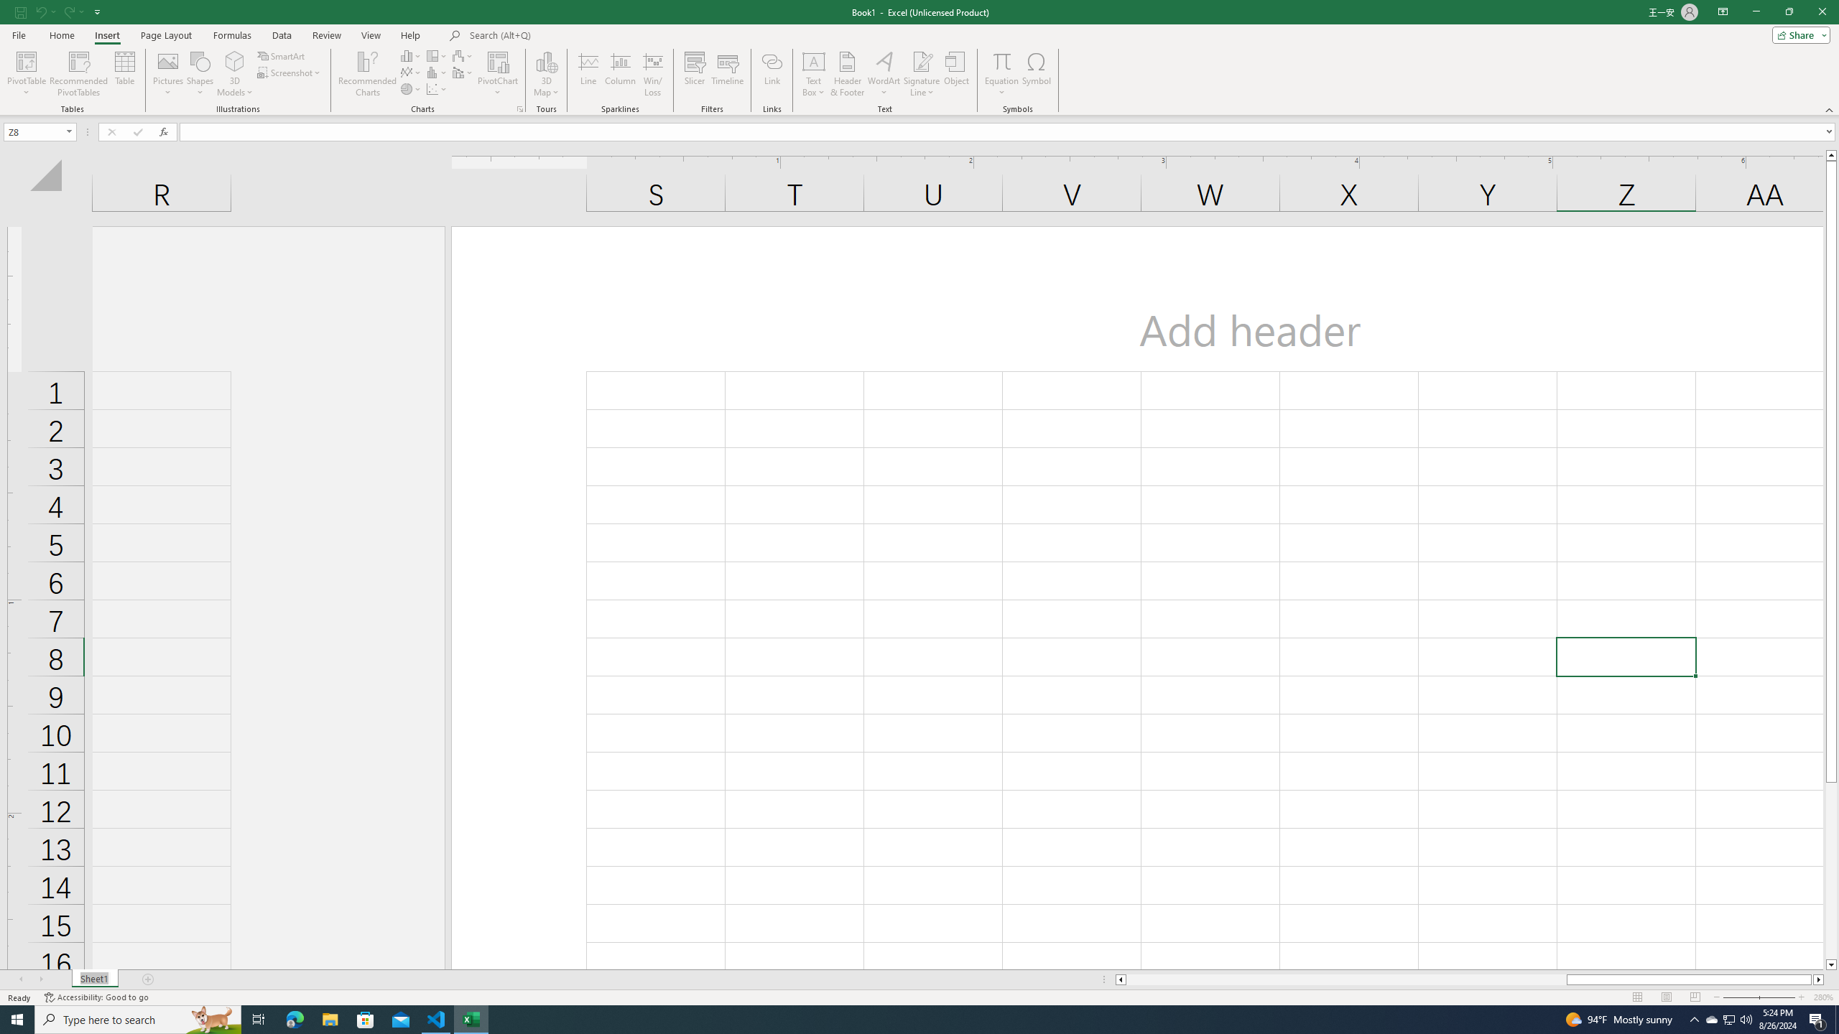 This screenshot has height=1034, width=1839. I want to click on 'Insert Line or Area Chart', so click(411, 71).